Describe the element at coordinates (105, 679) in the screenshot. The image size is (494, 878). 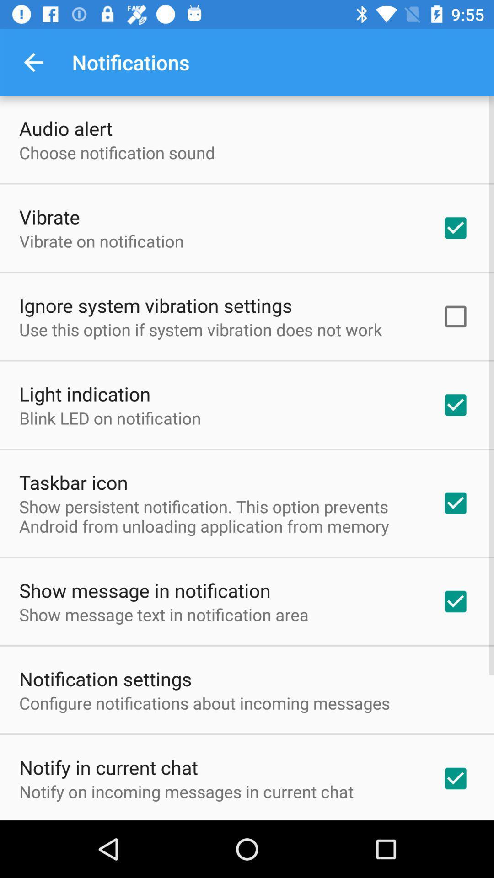
I see `item below show message text item` at that location.